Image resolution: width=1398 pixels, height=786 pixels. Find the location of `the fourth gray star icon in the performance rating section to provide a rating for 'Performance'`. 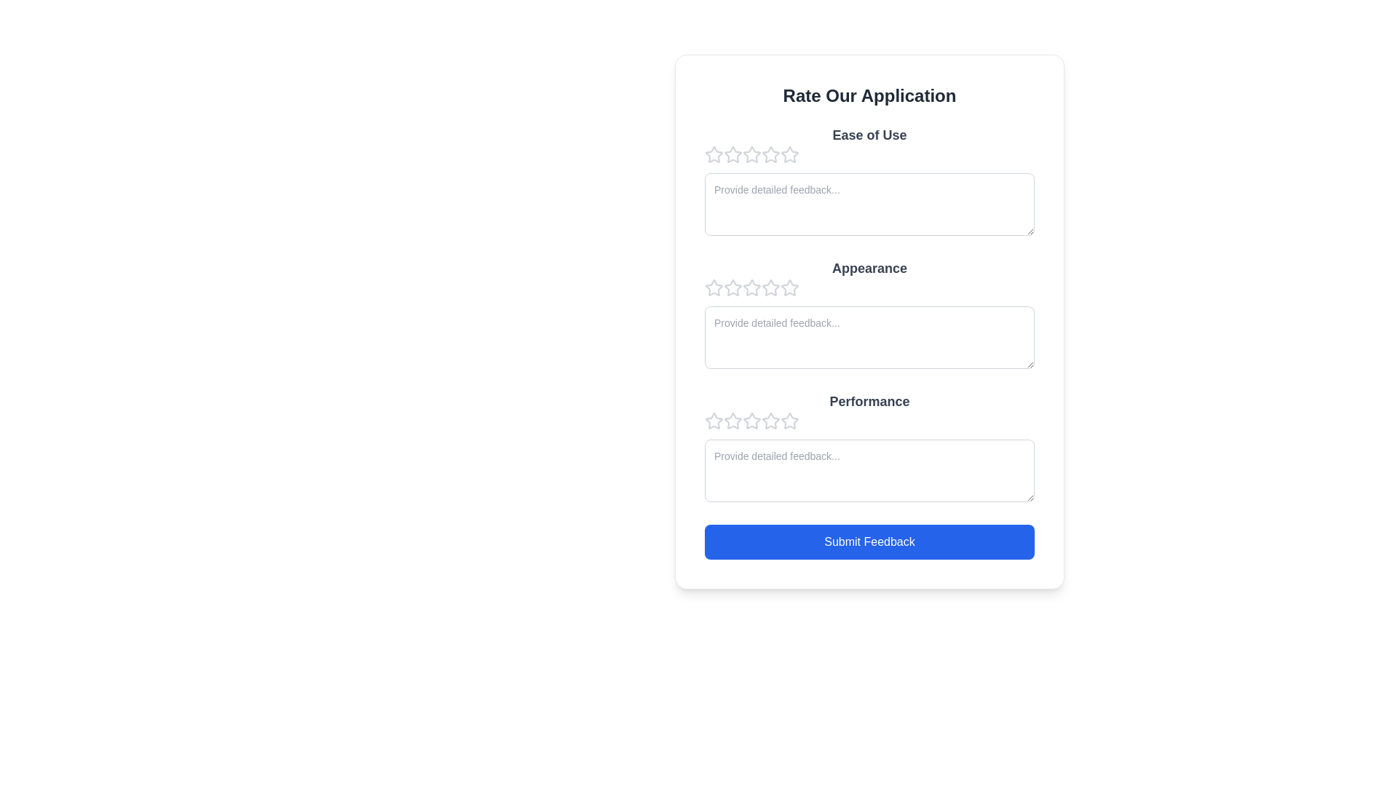

the fourth gray star icon in the performance rating section to provide a rating for 'Performance' is located at coordinates (751, 421).